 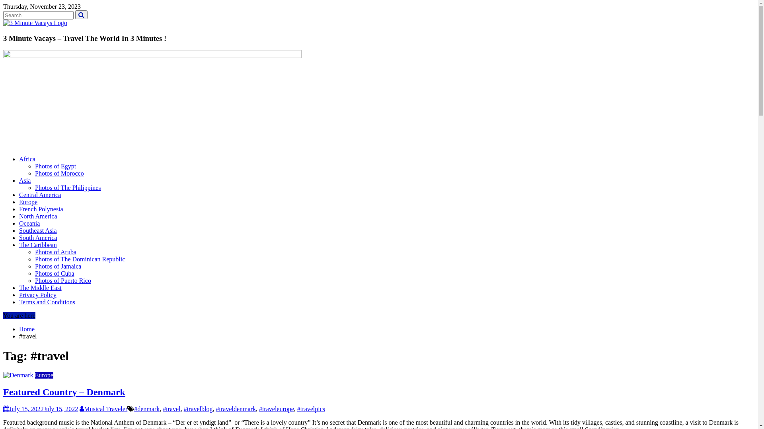 What do you see at coordinates (47, 302) in the screenshot?
I see `'Terms and Conditions'` at bounding box center [47, 302].